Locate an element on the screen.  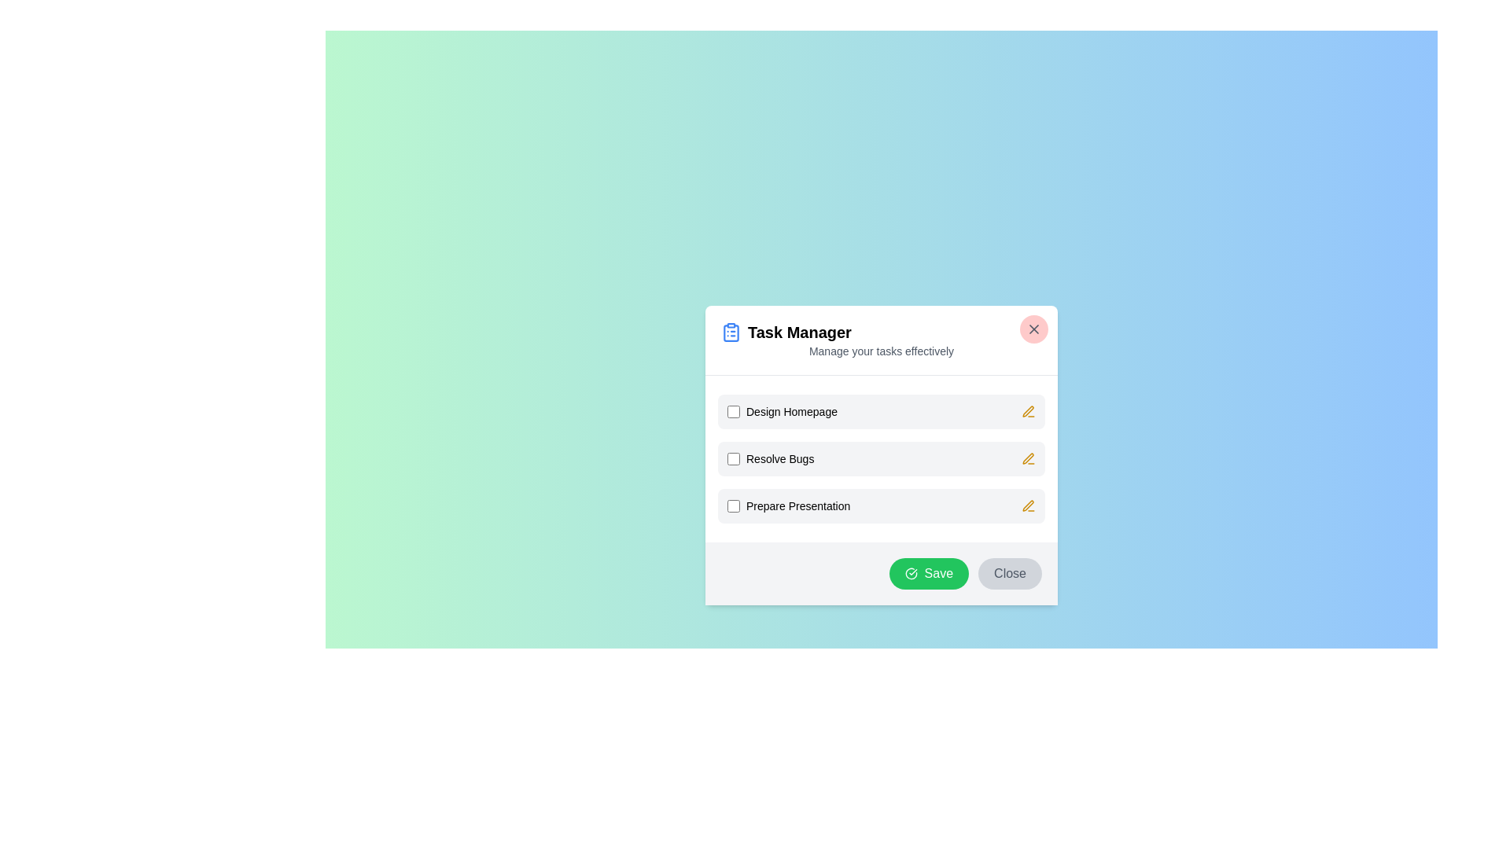
the text label reading 'Design Homepage' located next to the first checkbox in the Task Manager section of the task list interface is located at coordinates (792, 410).